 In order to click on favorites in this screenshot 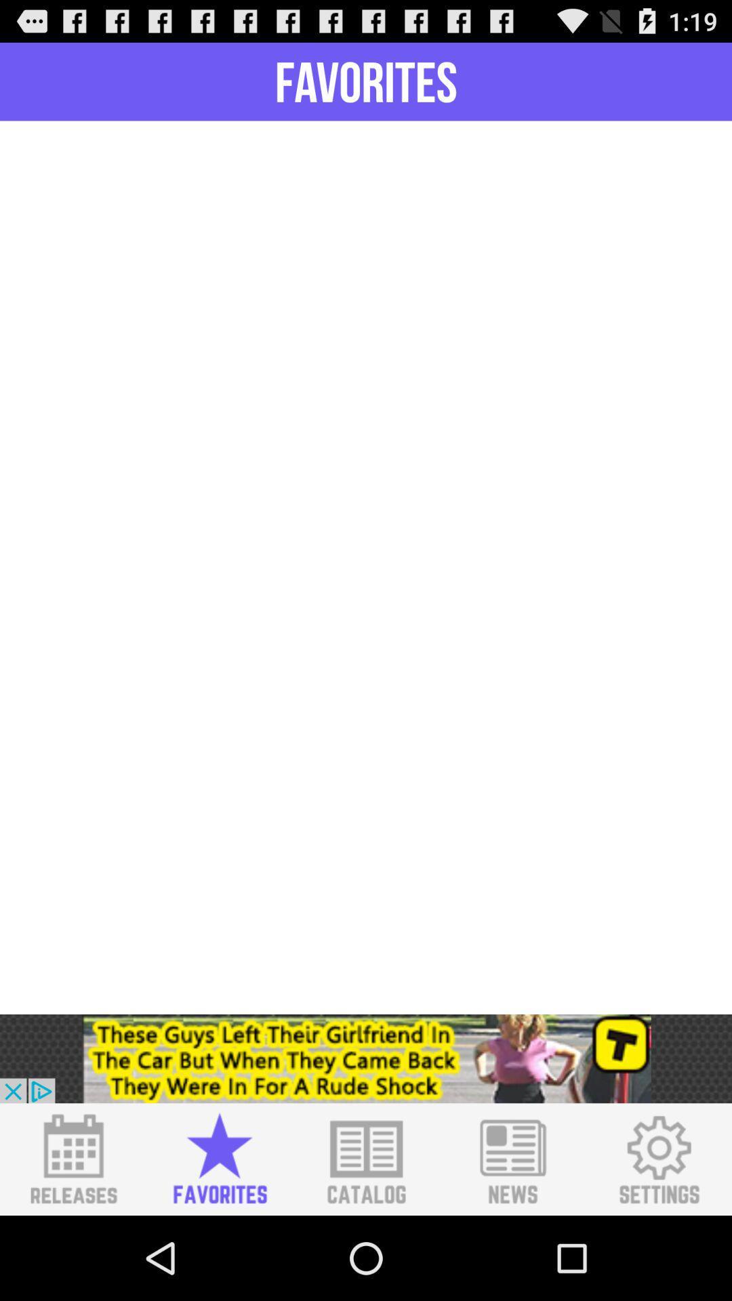, I will do `click(219, 1159)`.